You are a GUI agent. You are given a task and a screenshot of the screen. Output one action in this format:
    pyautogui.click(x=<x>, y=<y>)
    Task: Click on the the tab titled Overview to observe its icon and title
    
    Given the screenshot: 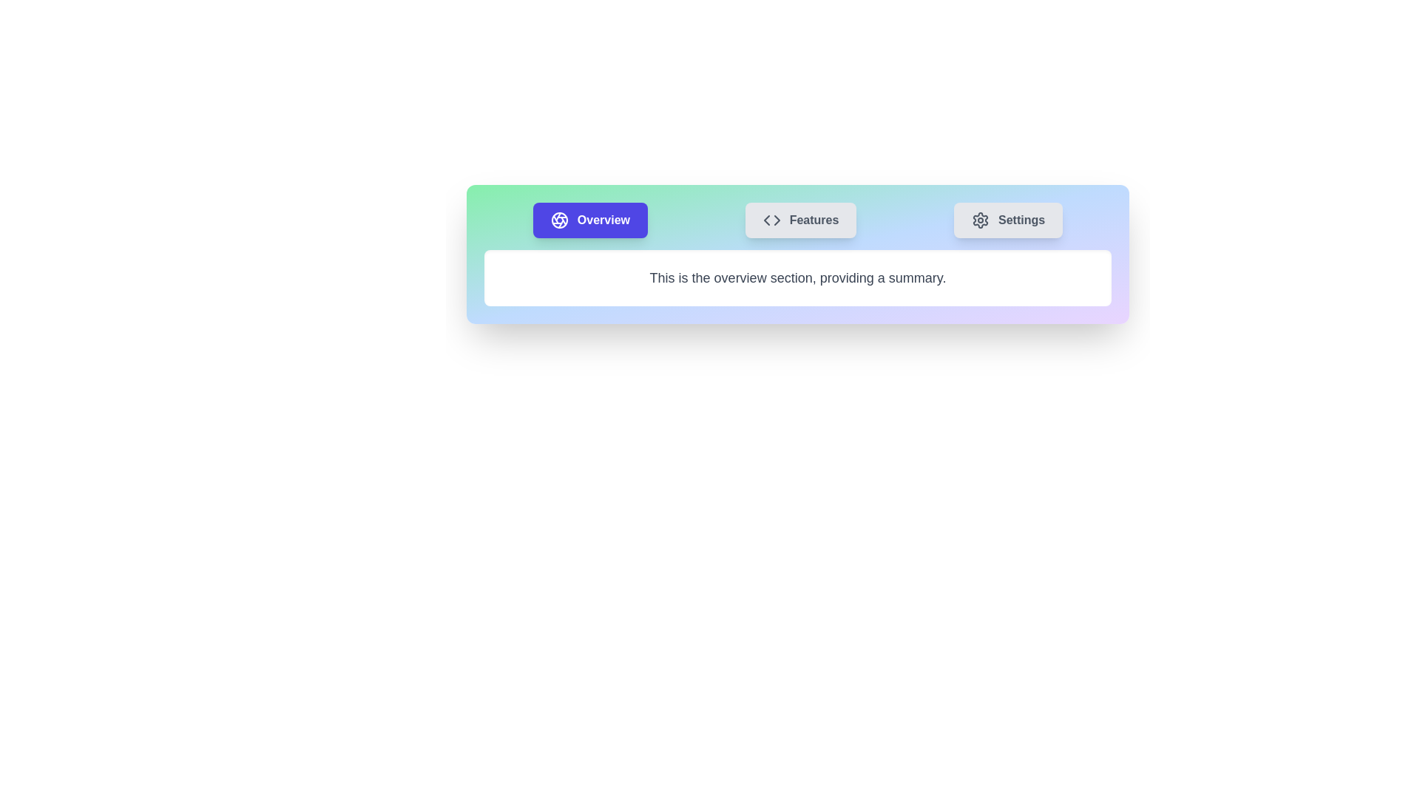 What is the action you would take?
    pyautogui.click(x=589, y=220)
    